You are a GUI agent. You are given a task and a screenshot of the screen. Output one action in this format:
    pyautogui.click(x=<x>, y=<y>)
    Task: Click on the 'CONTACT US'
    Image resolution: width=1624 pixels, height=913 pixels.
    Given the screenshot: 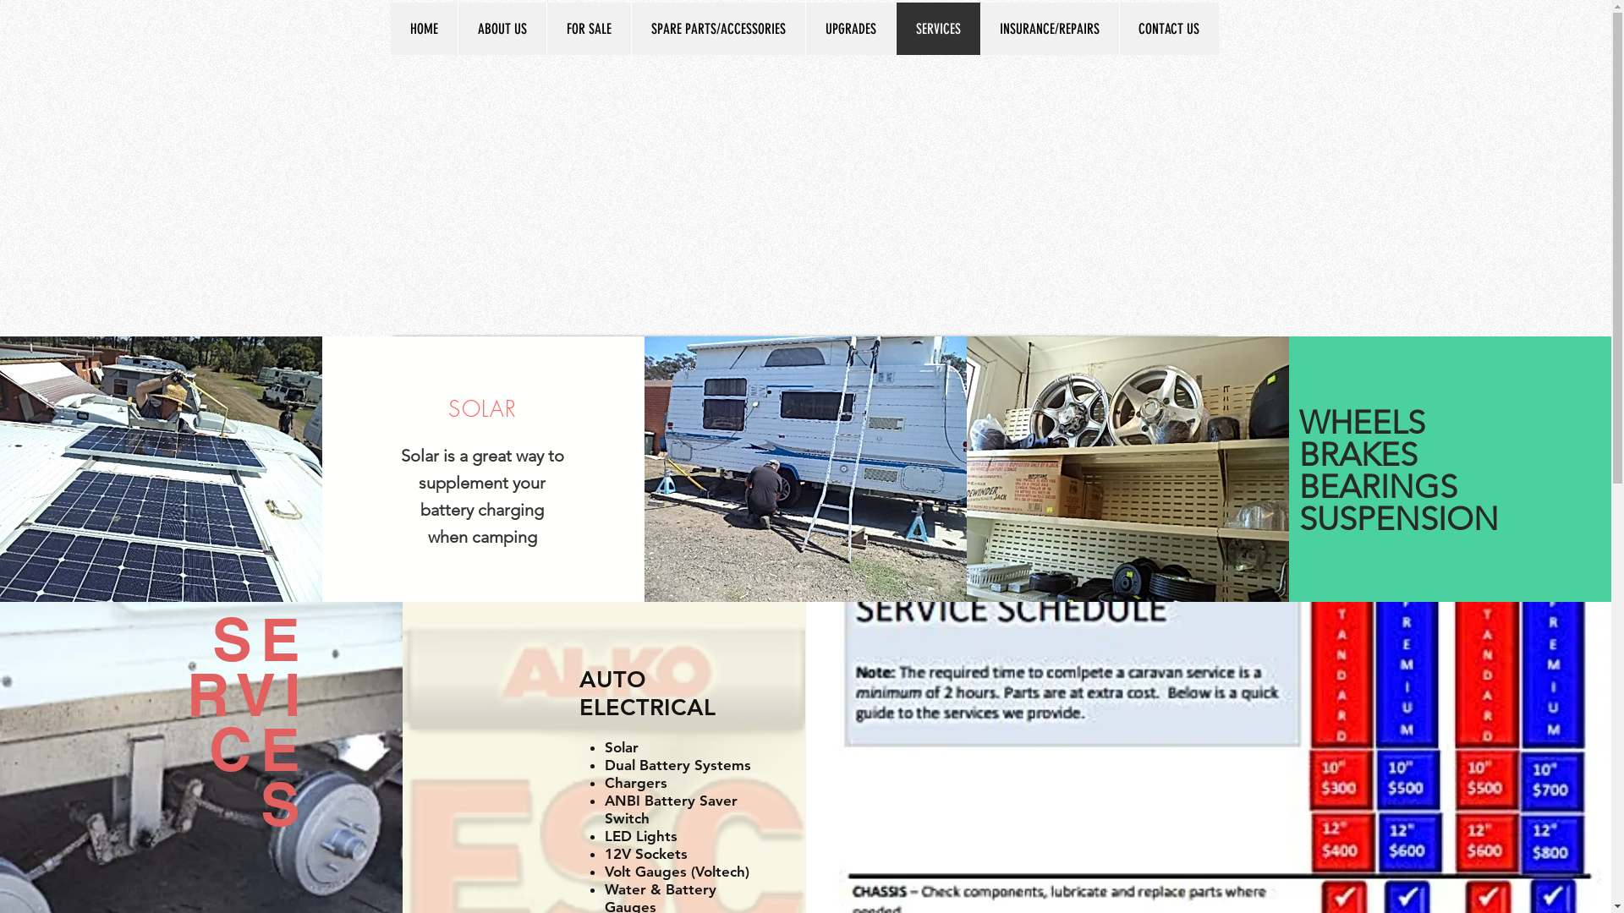 What is the action you would take?
    pyautogui.click(x=1167, y=29)
    